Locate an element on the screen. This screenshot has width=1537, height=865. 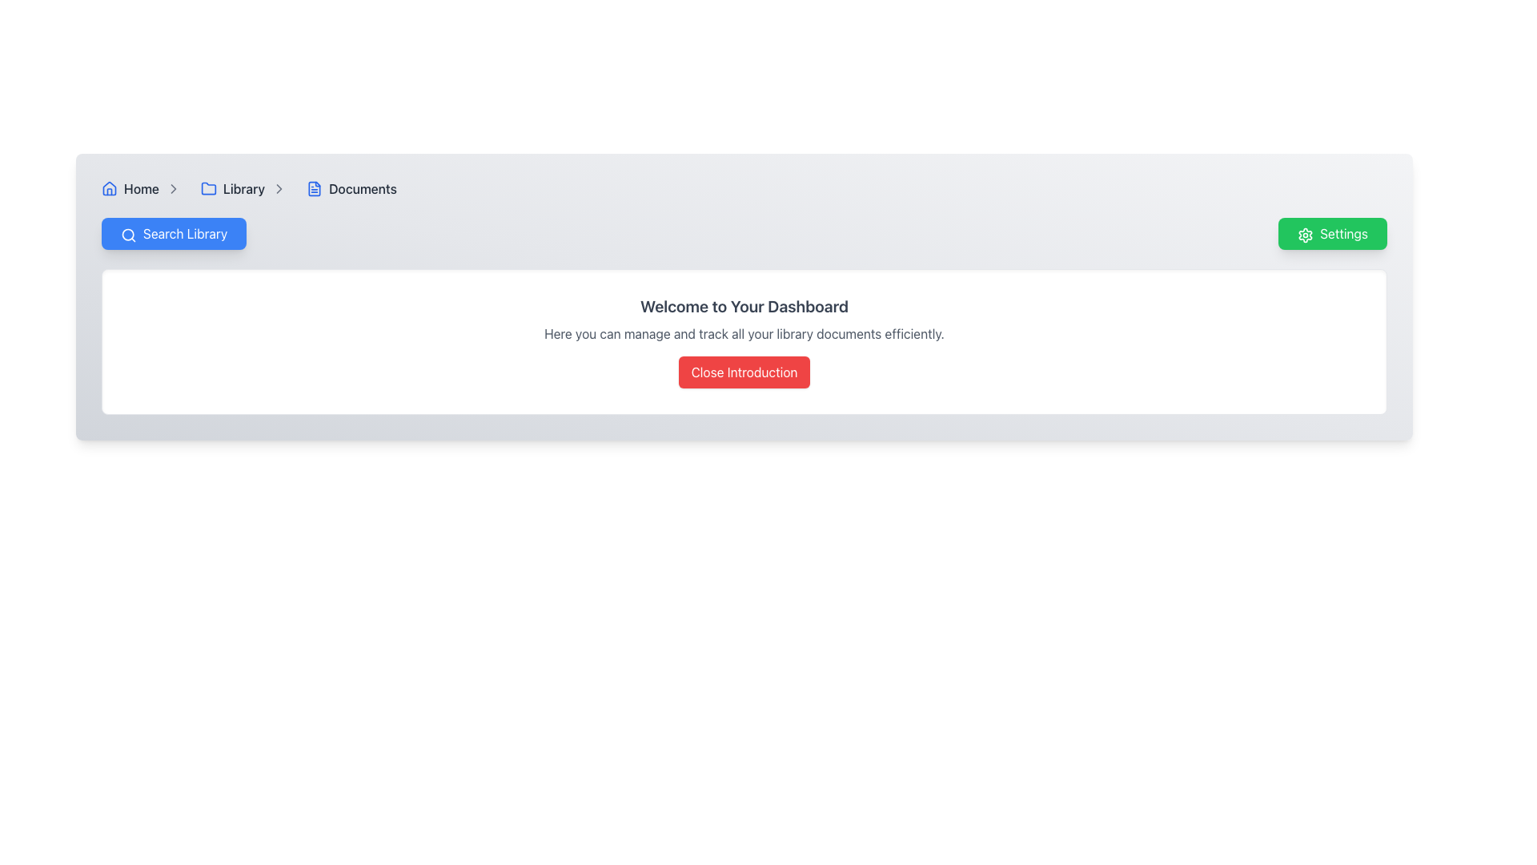
the settings button located at the far right end of the button group is located at coordinates (1333, 234).